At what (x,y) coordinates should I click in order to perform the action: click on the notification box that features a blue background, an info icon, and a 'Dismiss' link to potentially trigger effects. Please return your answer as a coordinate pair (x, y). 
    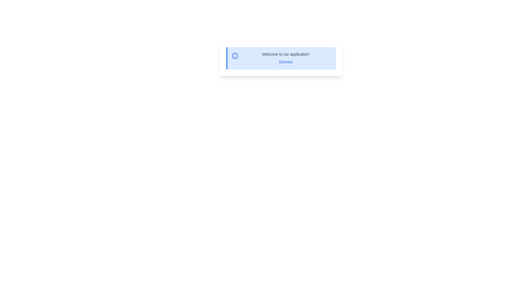
    Looking at the image, I should click on (281, 58).